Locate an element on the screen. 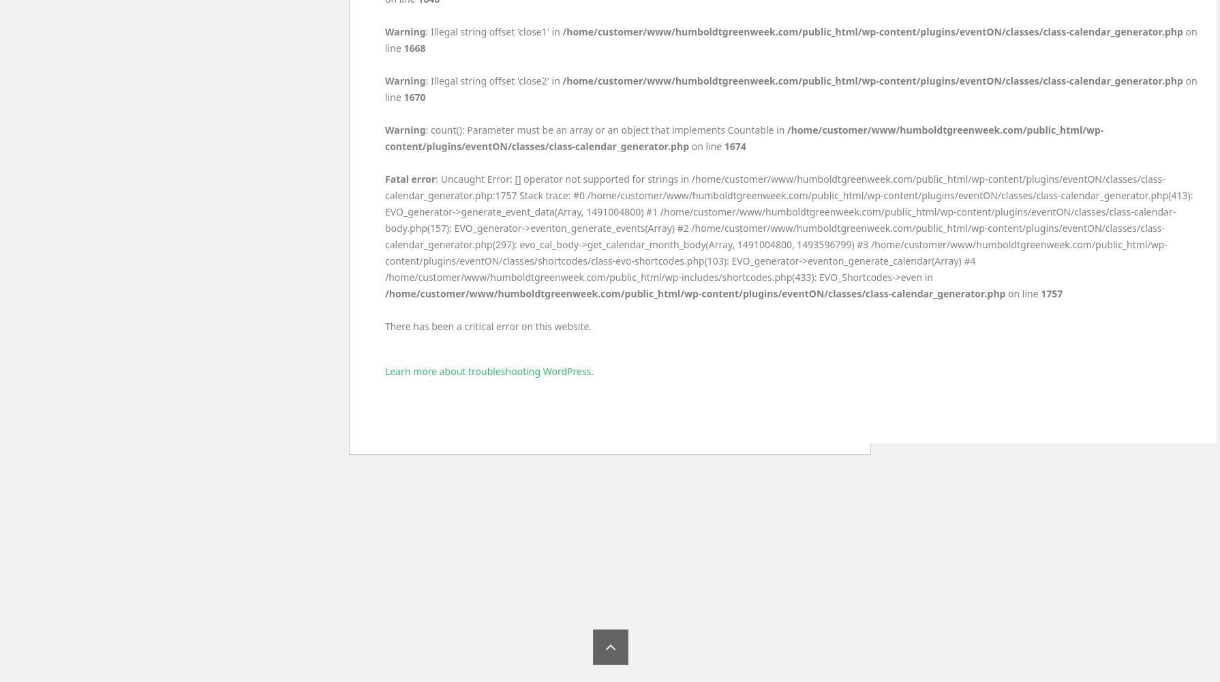 Image resolution: width=1220 pixels, height=682 pixels. '1674' is located at coordinates (724, 145).